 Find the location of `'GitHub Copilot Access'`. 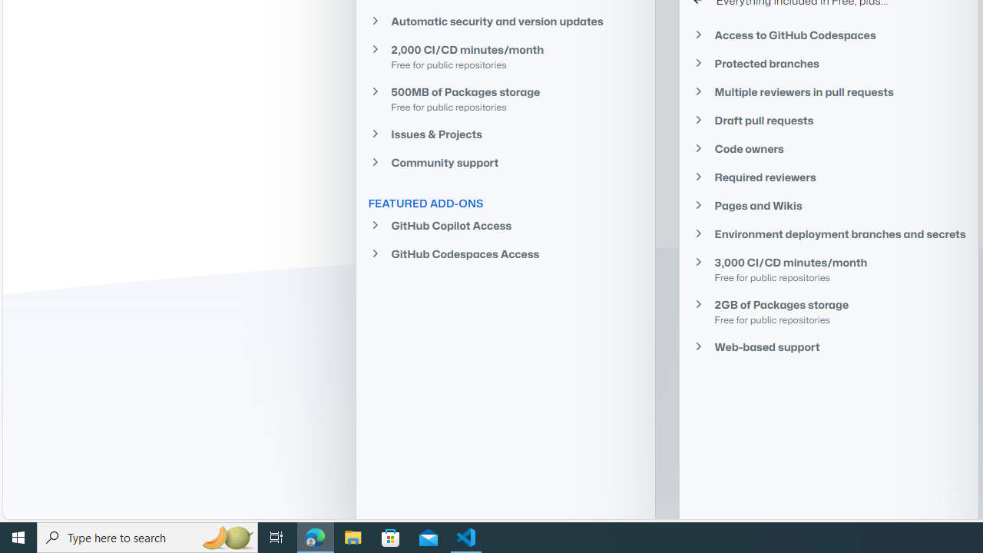

'GitHub Copilot Access' is located at coordinates (505, 225).